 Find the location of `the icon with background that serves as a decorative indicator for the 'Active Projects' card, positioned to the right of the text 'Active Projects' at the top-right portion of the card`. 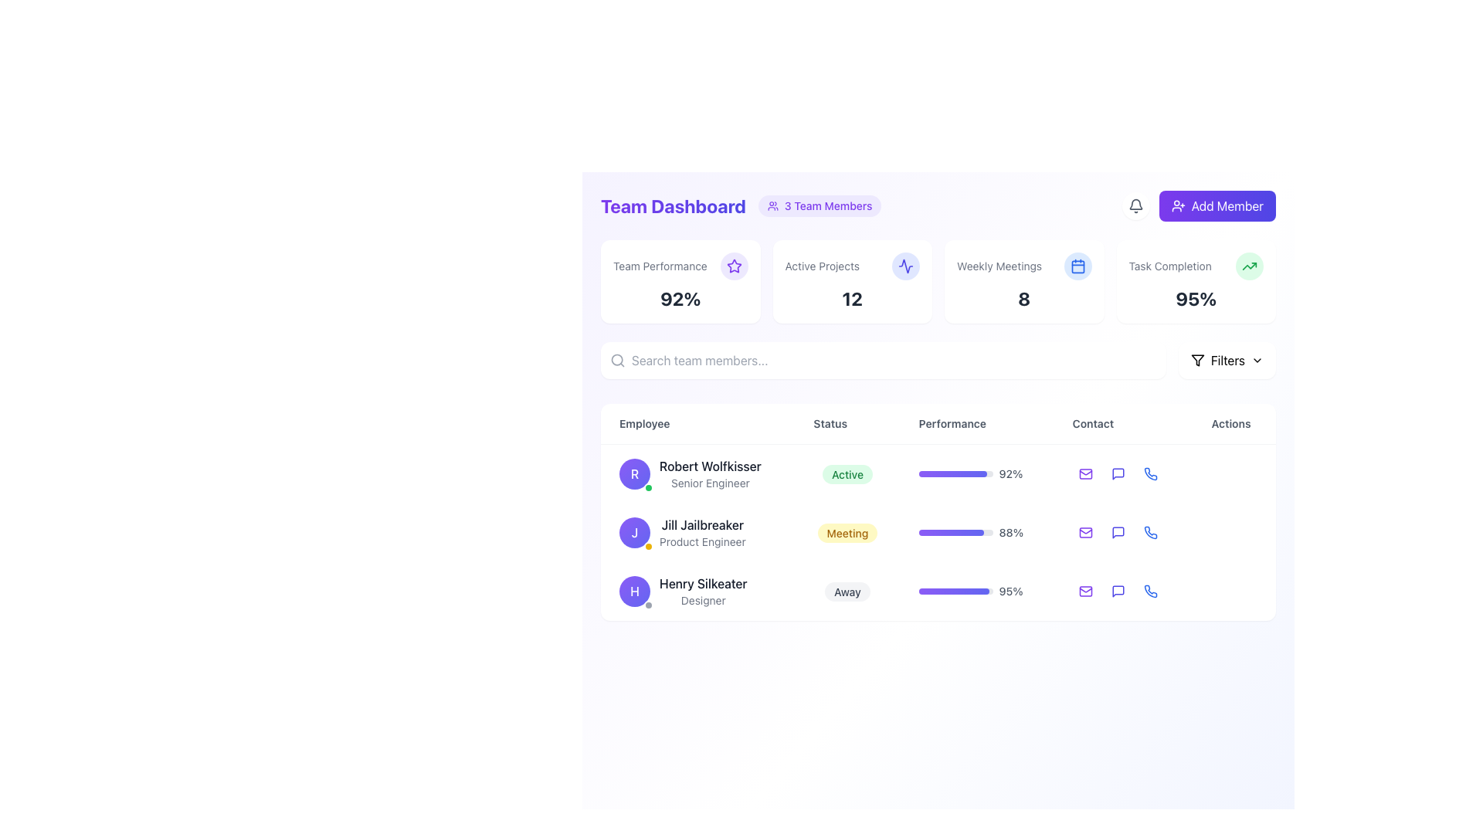

the icon with background that serves as a decorative indicator for the 'Active Projects' card, positioned to the right of the text 'Active Projects' at the top-right portion of the card is located at coordinates (905, 265).